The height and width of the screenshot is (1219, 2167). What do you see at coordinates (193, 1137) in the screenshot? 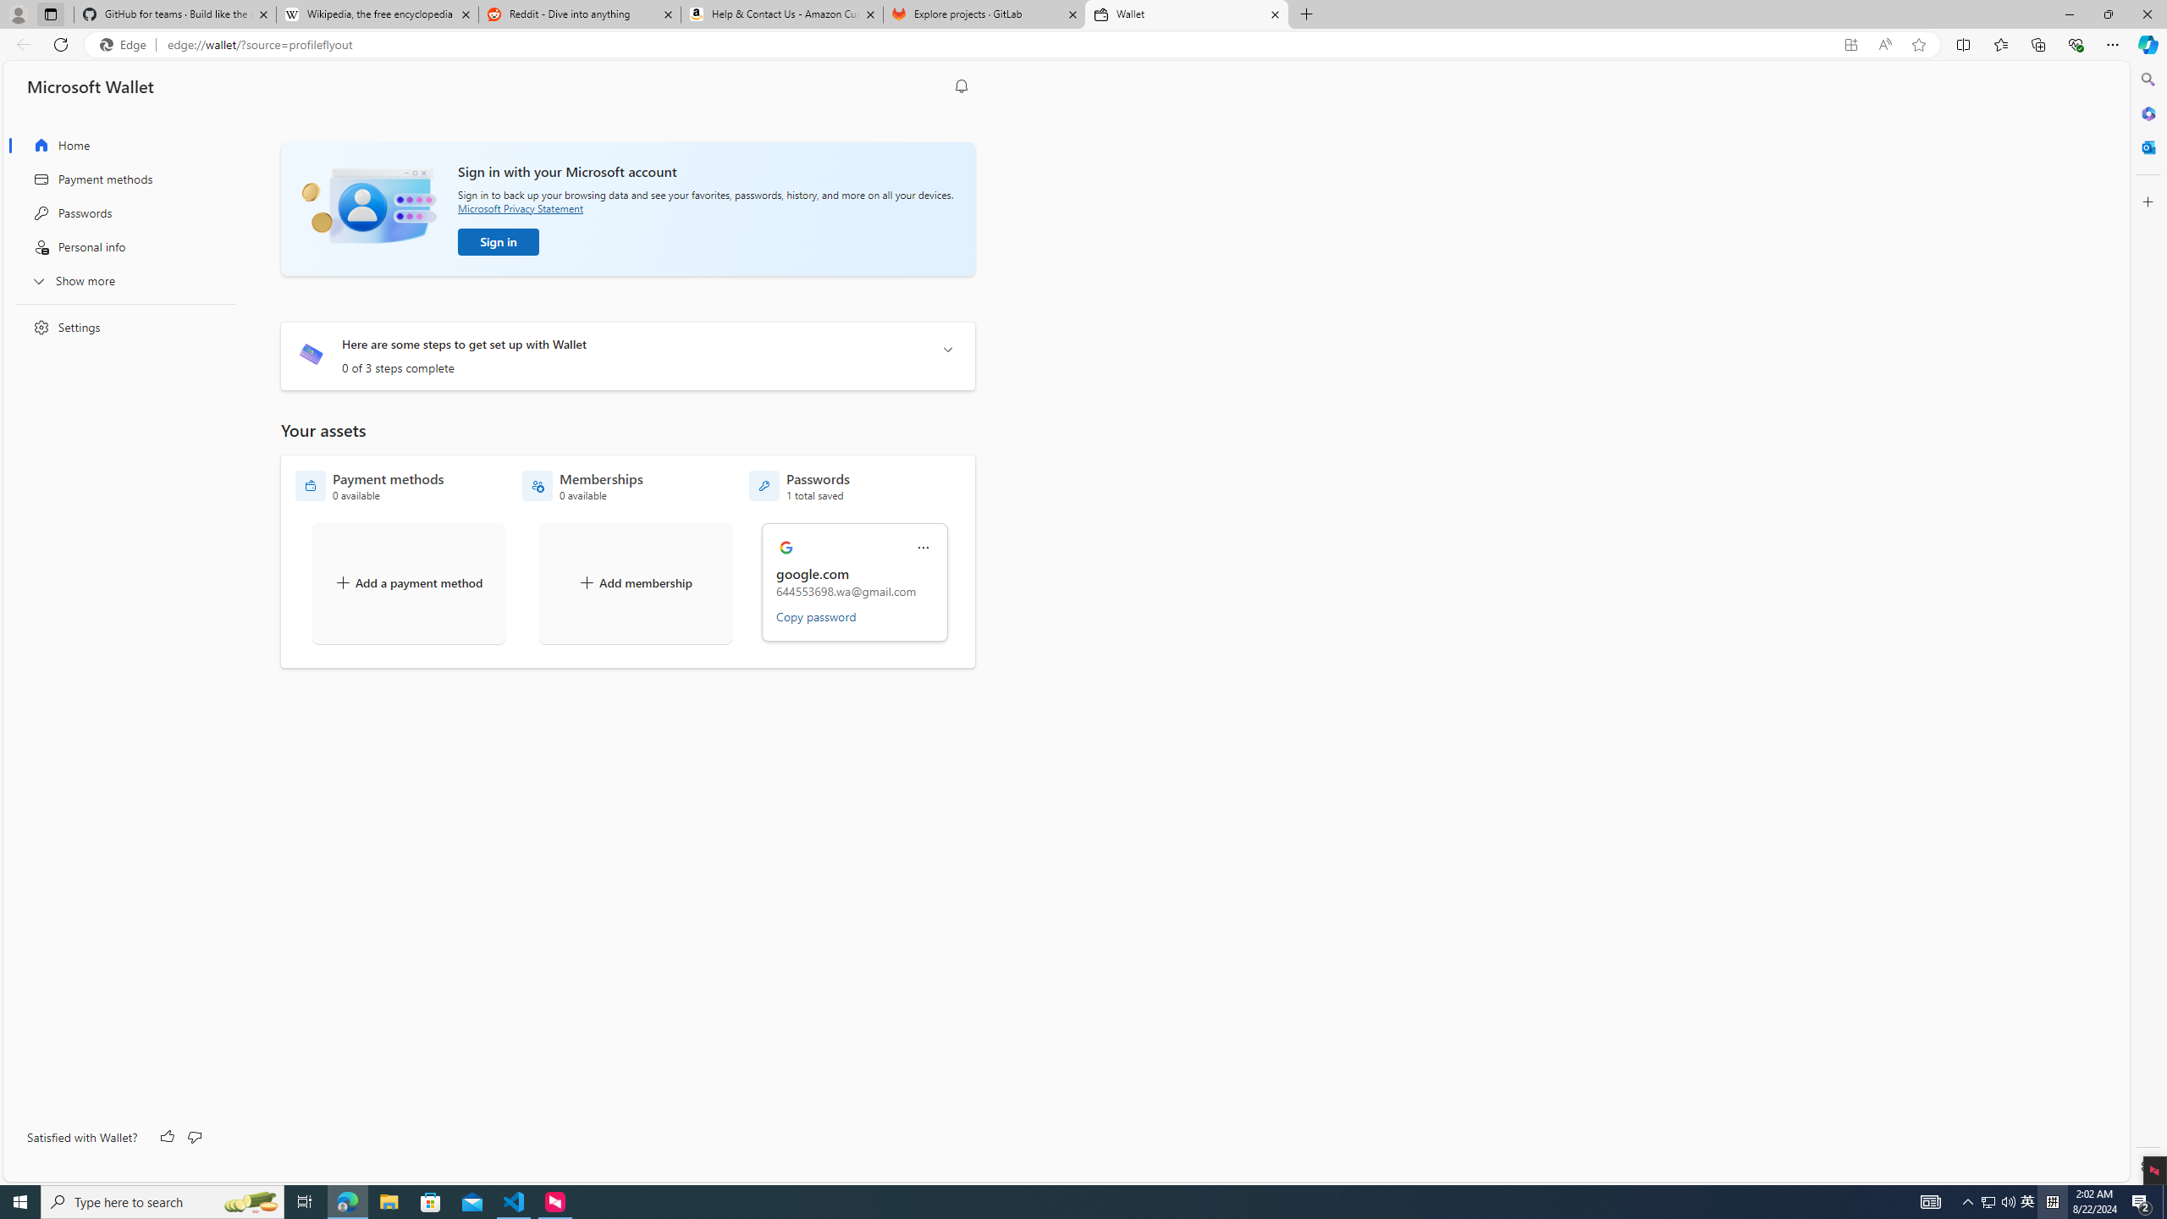
I see `'Dislike'` at bounding box center [193, 1137].